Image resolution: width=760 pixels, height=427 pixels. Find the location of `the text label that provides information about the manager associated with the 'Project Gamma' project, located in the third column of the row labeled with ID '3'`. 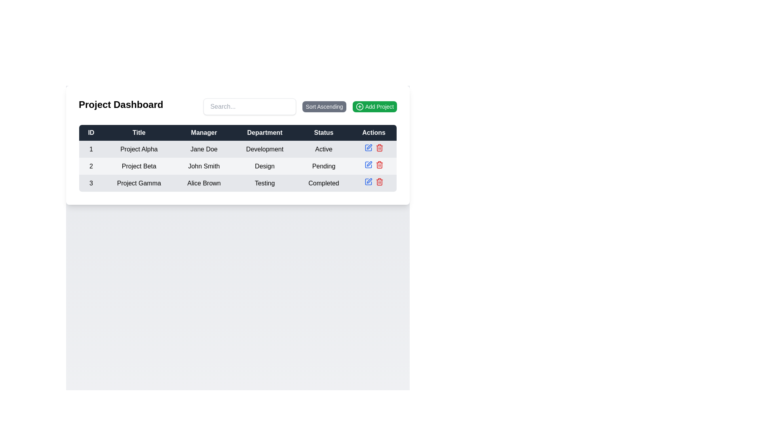

the text label that provides information about the manager associated with the 'Project Gamma' project, located in the third column of the row labeled with ID '3' is located at coordinates (204, 183).